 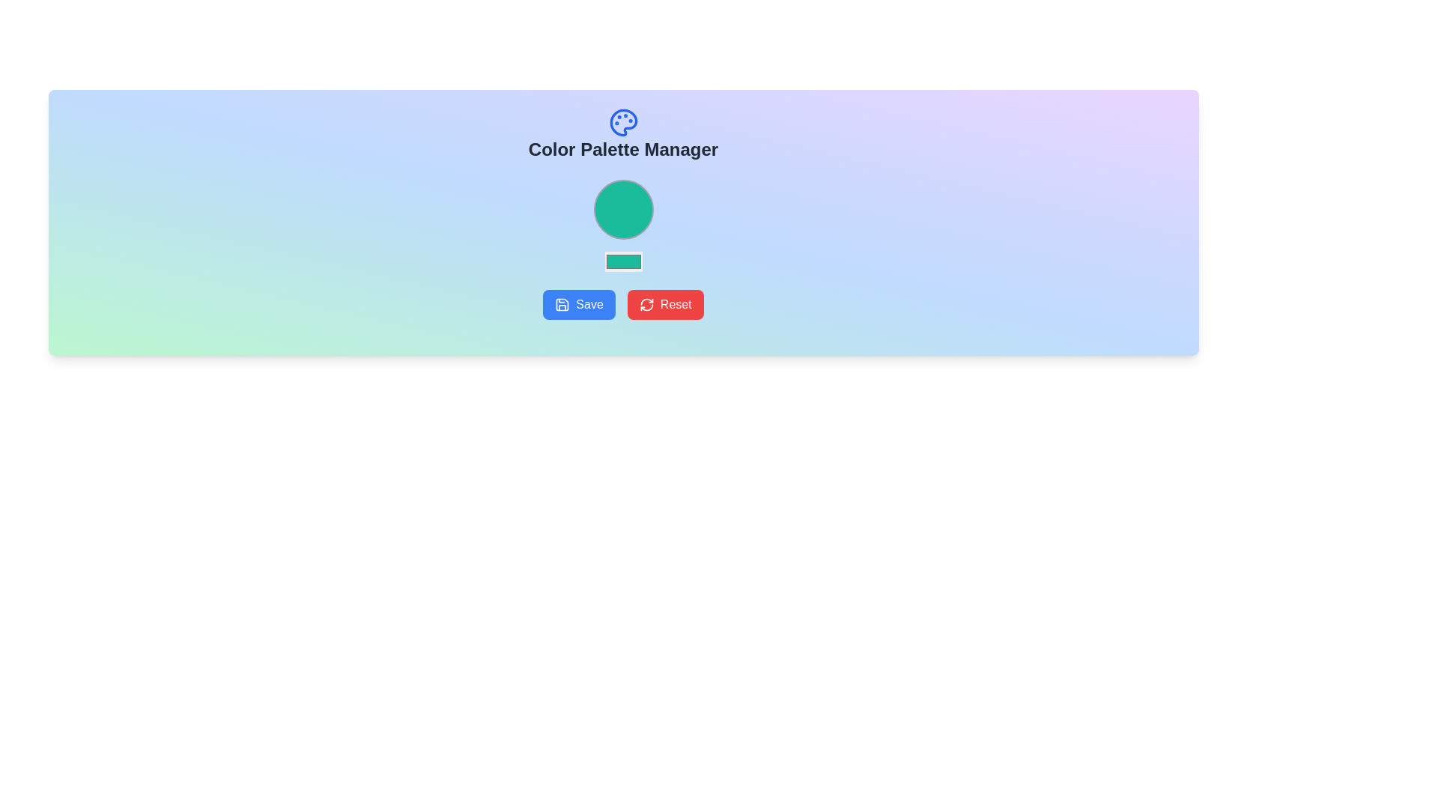 What do you see at coordinates (646, 304) in the screenshot?
I see `the icon within the red 'Reset' button, which is located at the bottom right of the user interface, to the right of the blue 'Save' button` at bounding box center [646, 304].